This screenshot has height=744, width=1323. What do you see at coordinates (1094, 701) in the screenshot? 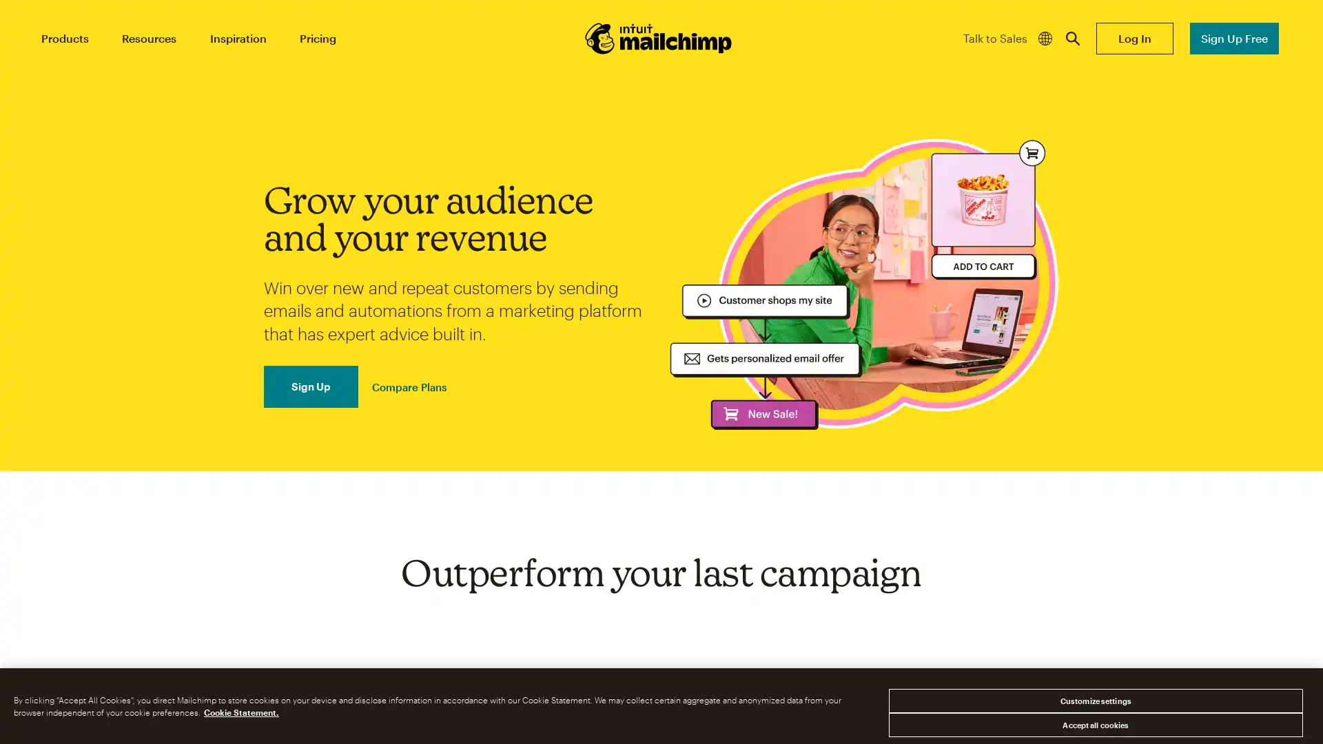
I see `Customize settings` at bounding box center [1094, 701].